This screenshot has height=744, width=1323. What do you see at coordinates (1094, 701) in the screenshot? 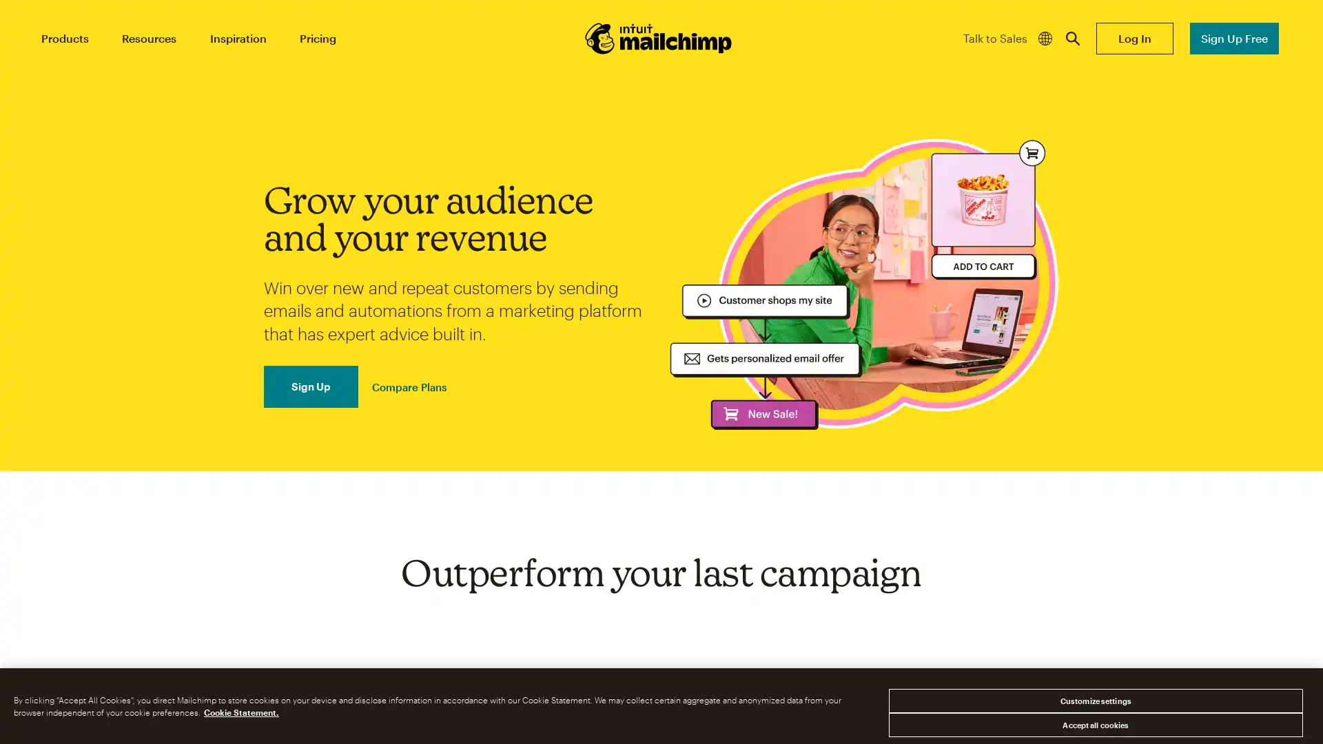
I see `Customize settings` at bounding box center [1094, 701].